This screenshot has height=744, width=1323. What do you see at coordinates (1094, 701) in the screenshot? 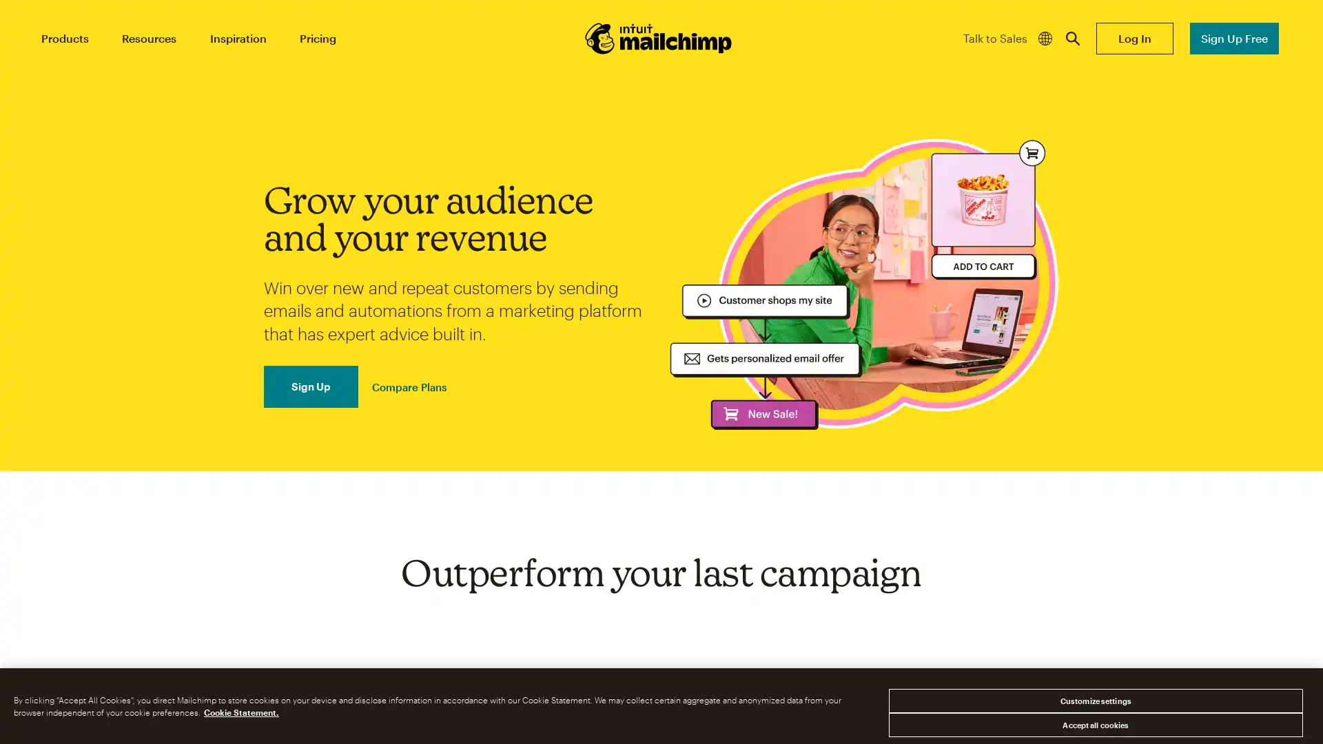
I see `Customize settings` at bounding box center [1094, 701].